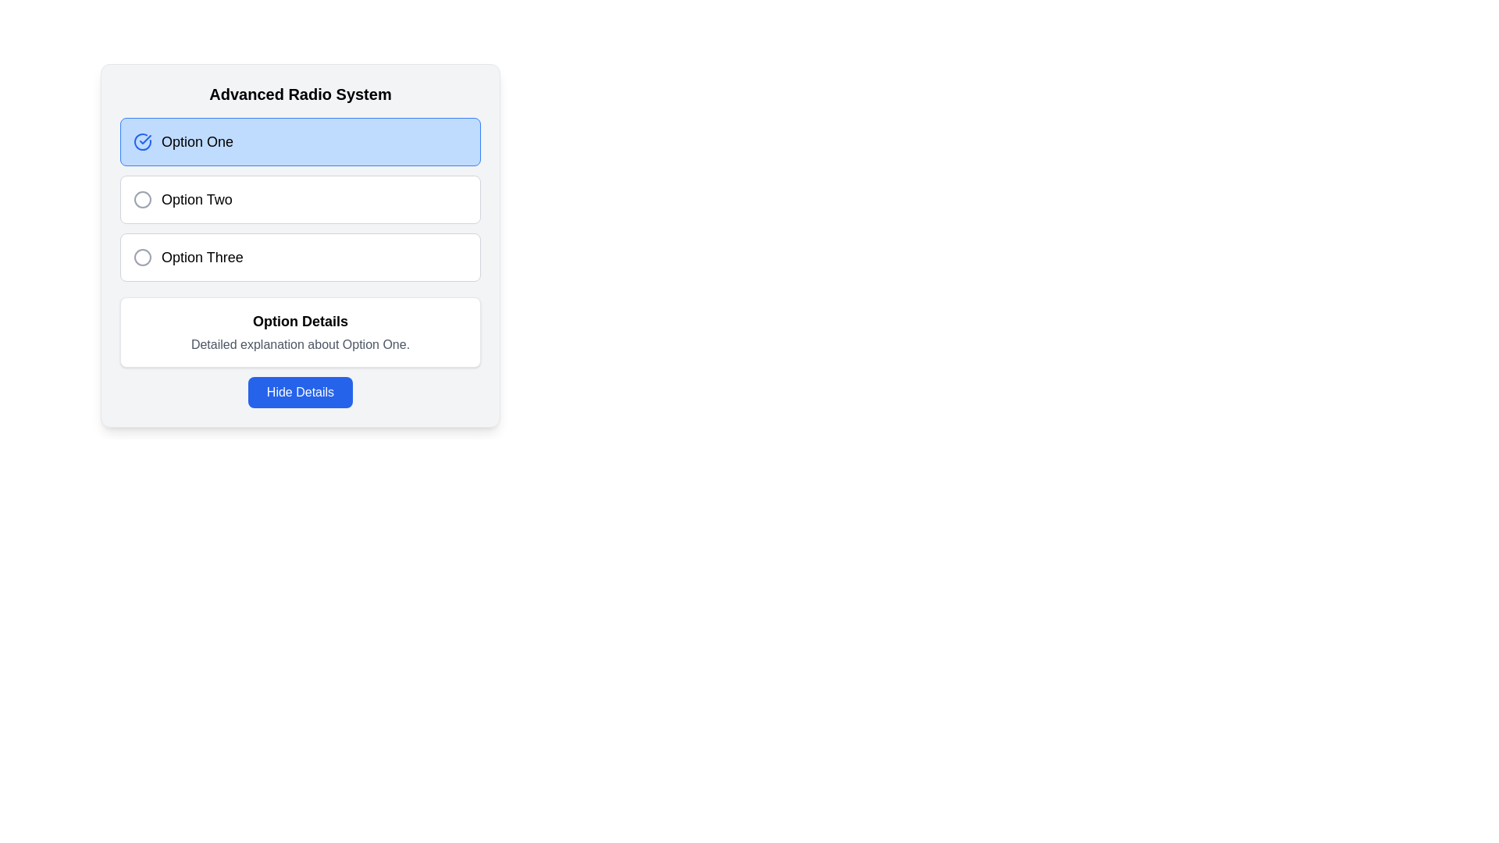 Image resolution: width=1499 pixels, height=843 pixels. What do you see at coordinates (197, 141) in the screenshot?
I see `the text label that identifies the first radio option in the vertical group of selection options, which is positioned centrally within the interface` at bounding box center [197, 141].